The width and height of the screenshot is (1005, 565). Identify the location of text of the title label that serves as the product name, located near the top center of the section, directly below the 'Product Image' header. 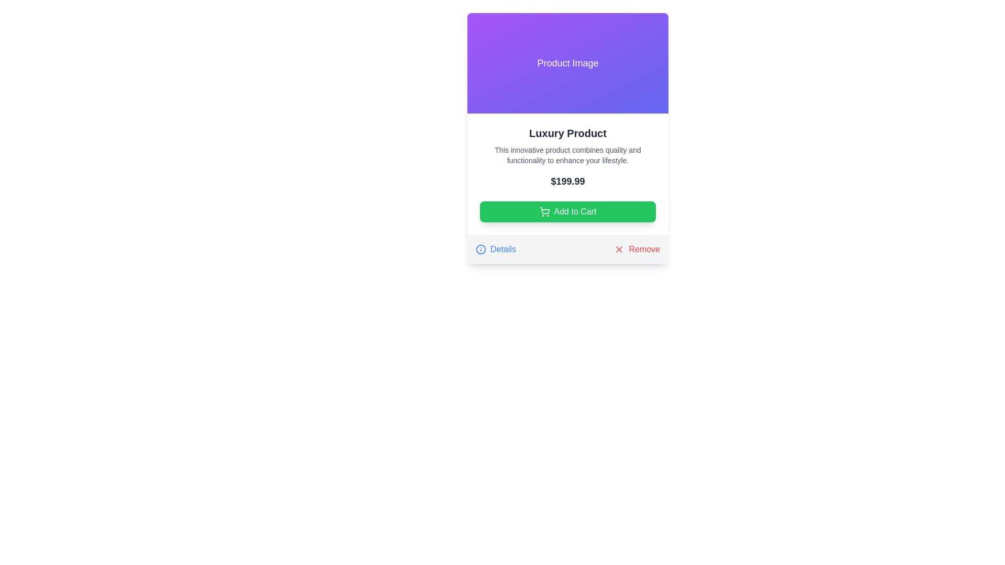
(567, 132).